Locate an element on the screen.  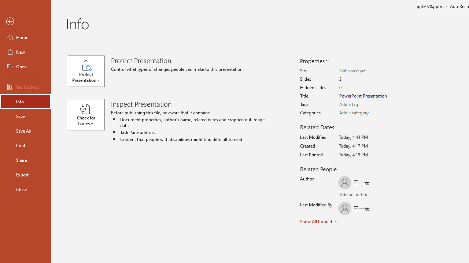
'Save As' is located at coordinates (25, 130).